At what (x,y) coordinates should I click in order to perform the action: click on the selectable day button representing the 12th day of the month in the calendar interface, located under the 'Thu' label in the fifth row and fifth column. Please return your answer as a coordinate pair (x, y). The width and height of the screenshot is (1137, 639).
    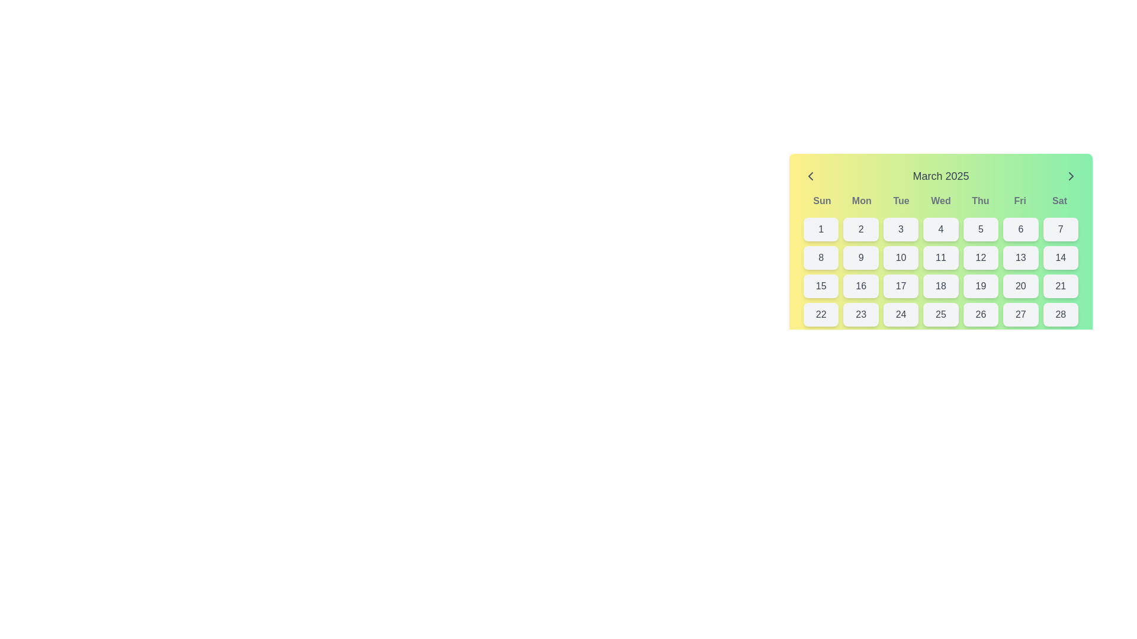
    Looking at the image, I should click on (981, 257).